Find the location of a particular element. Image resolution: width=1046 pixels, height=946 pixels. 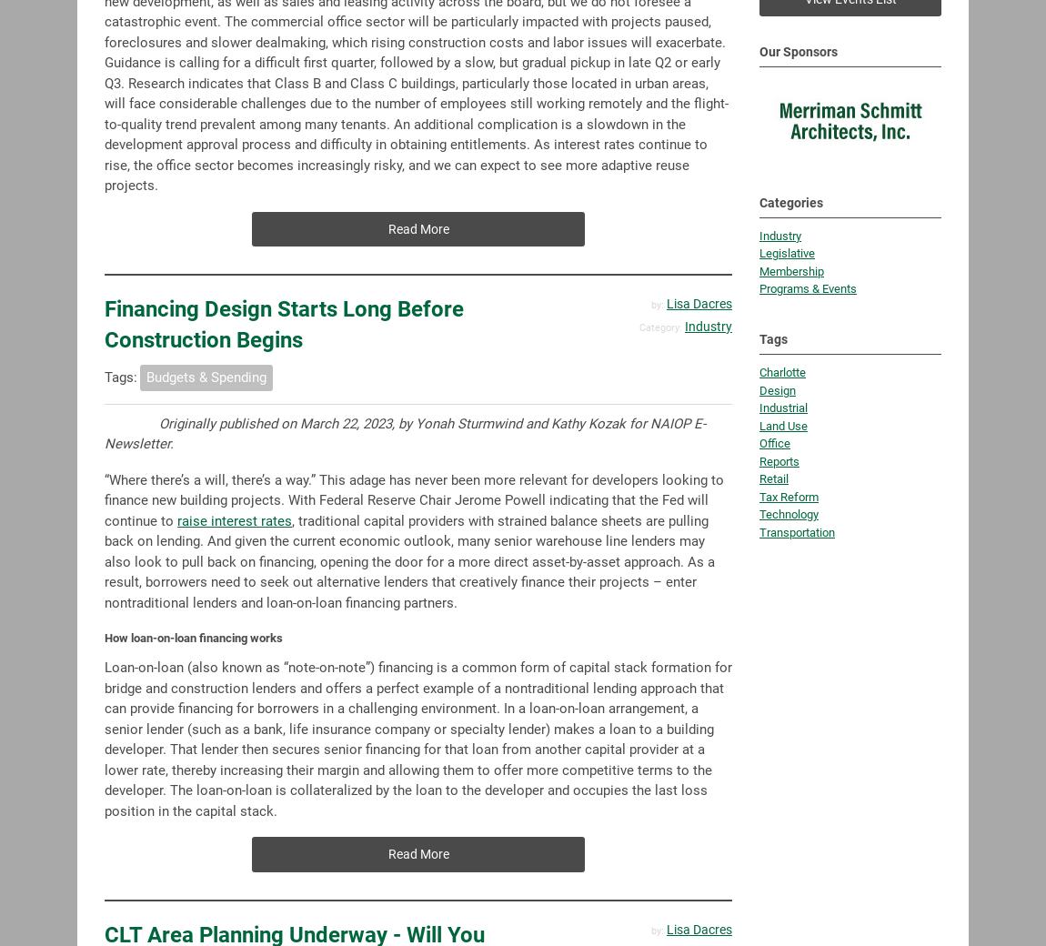

', traditional capital providers with strained balance sheets are pulling back on lending. And given the current economic outlook, many senior warehouse line lenders may also look to pull back on financing, opening the door for a more direct asset-by-asset approach. As a result, borrowers need to seek out alternative lenders that creatively finance their projects – enter nontraditional lenders and loan-on-loan financing partners.' is located at coordinates (409, 560).